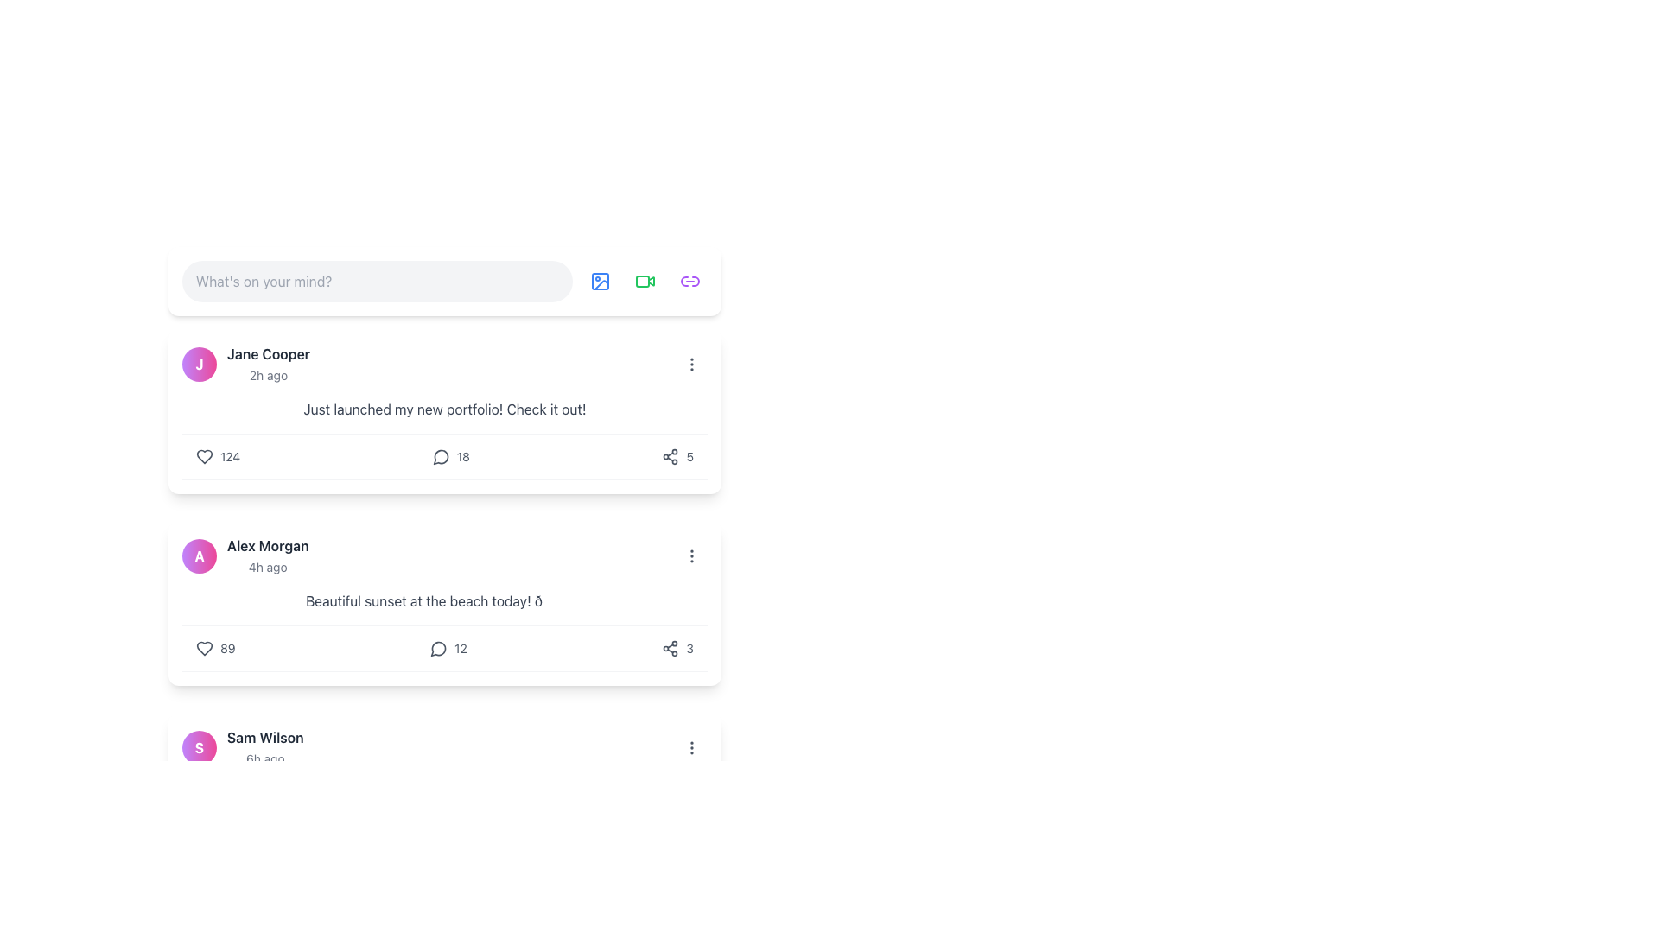 This screenshot has width=1659, height=933. I want to click on the share icon button, which resembles a network connection and is styled in gray, located to the right of the comment count '3', so click(670, 649).